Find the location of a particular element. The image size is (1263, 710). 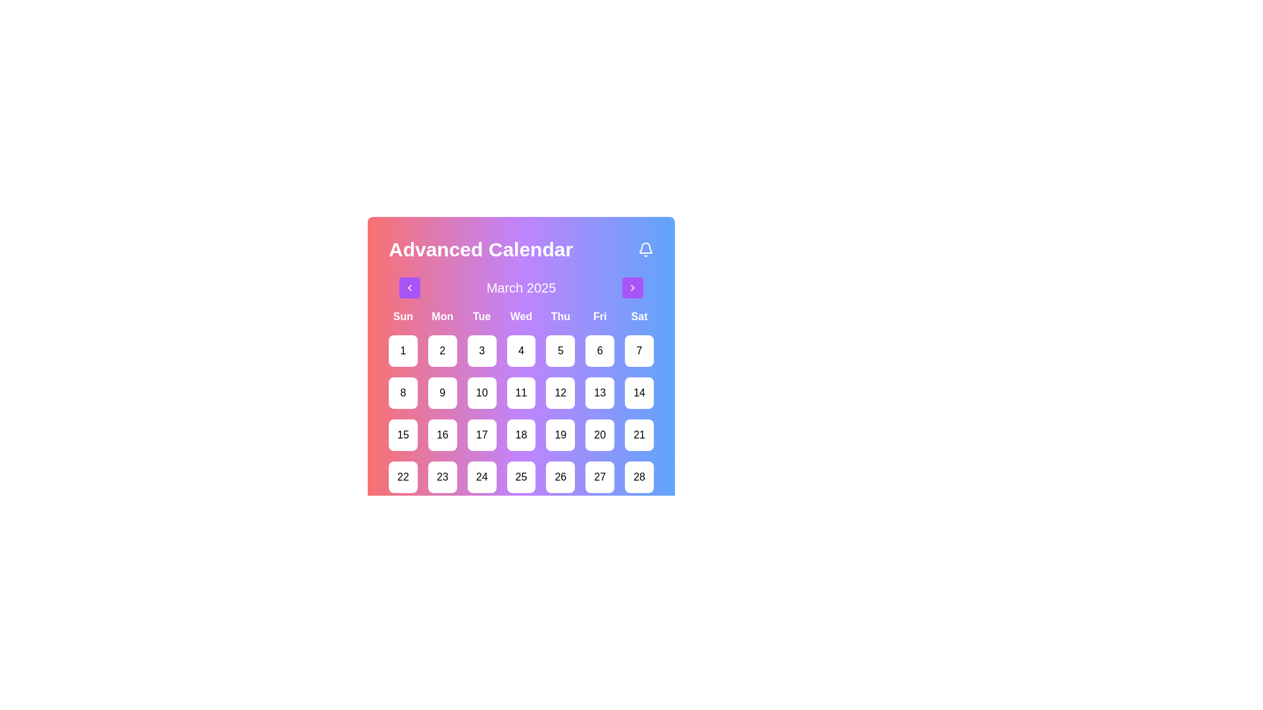

the 'Advanced Calendar' text label, which is a bold and large heading located centrally in the gradient-colored header of the calendar interface is located at coordinates (480, 250).